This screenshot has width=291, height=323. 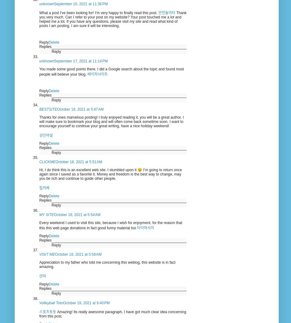 I want to click on 'Every weekend I used to visit this site, because I wish for enjoyment, for the reason that this this web page donations in fact good funny material too', so click(x=110, y=225).